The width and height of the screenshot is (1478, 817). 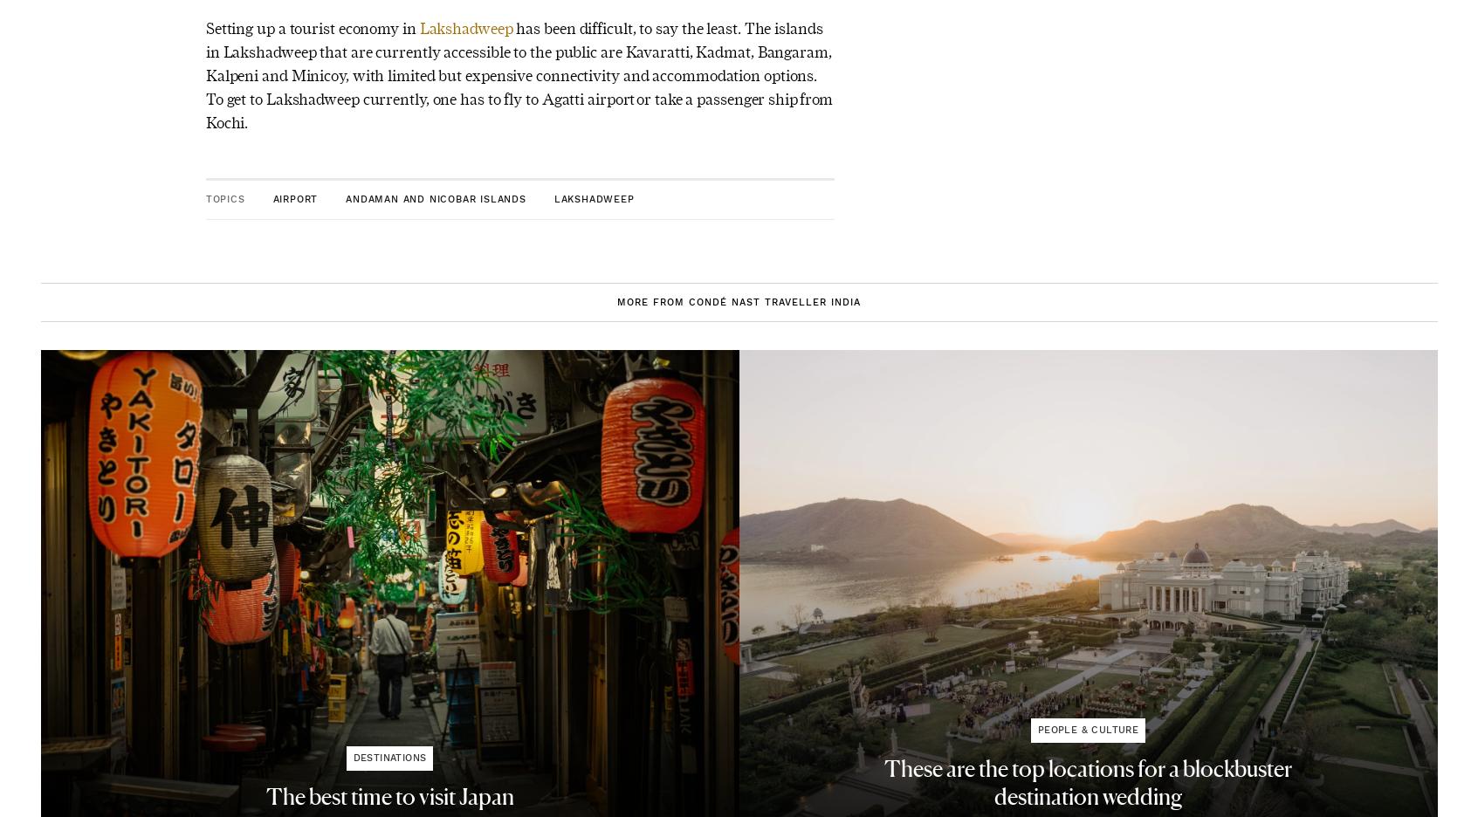 I want to click on 'Lakshadweep', so click(x=416, y=26).